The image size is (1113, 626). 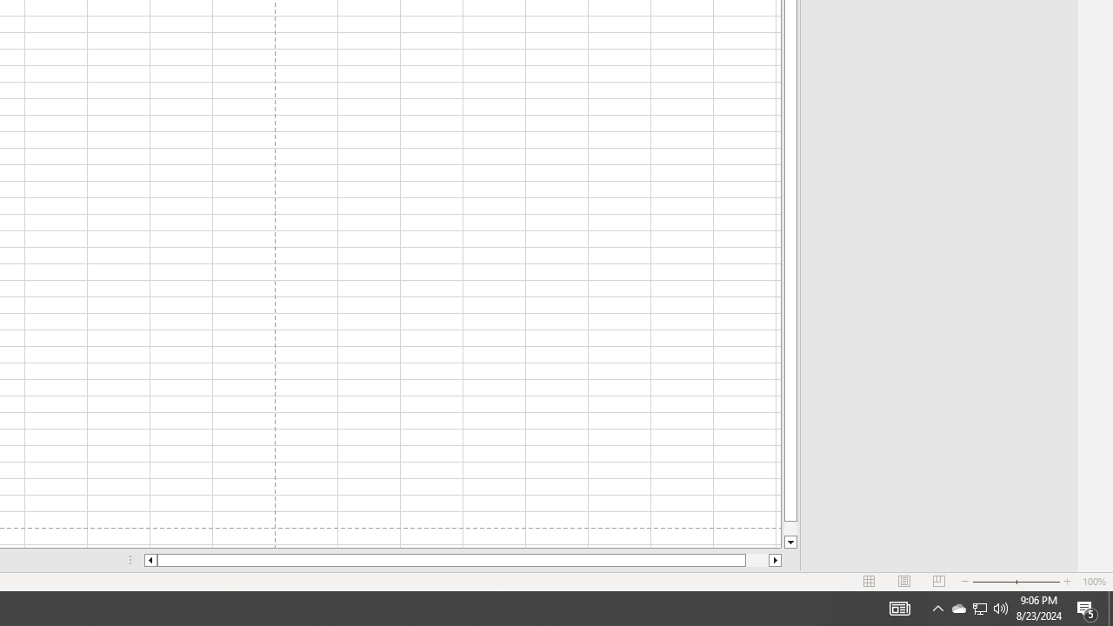 What do you see at coordinates (1016, 582) in the screenshot?
I see `'Zoom'` at bounding box center [1016, 582].